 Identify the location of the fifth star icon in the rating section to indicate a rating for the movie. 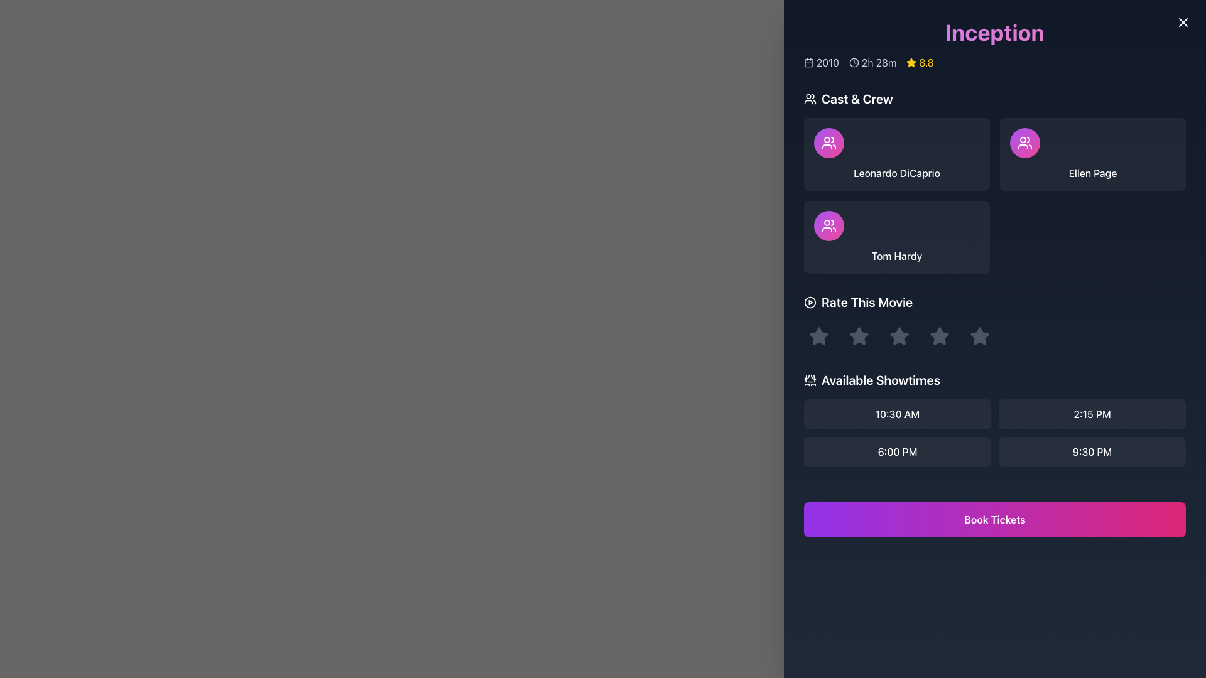
(979, 336).